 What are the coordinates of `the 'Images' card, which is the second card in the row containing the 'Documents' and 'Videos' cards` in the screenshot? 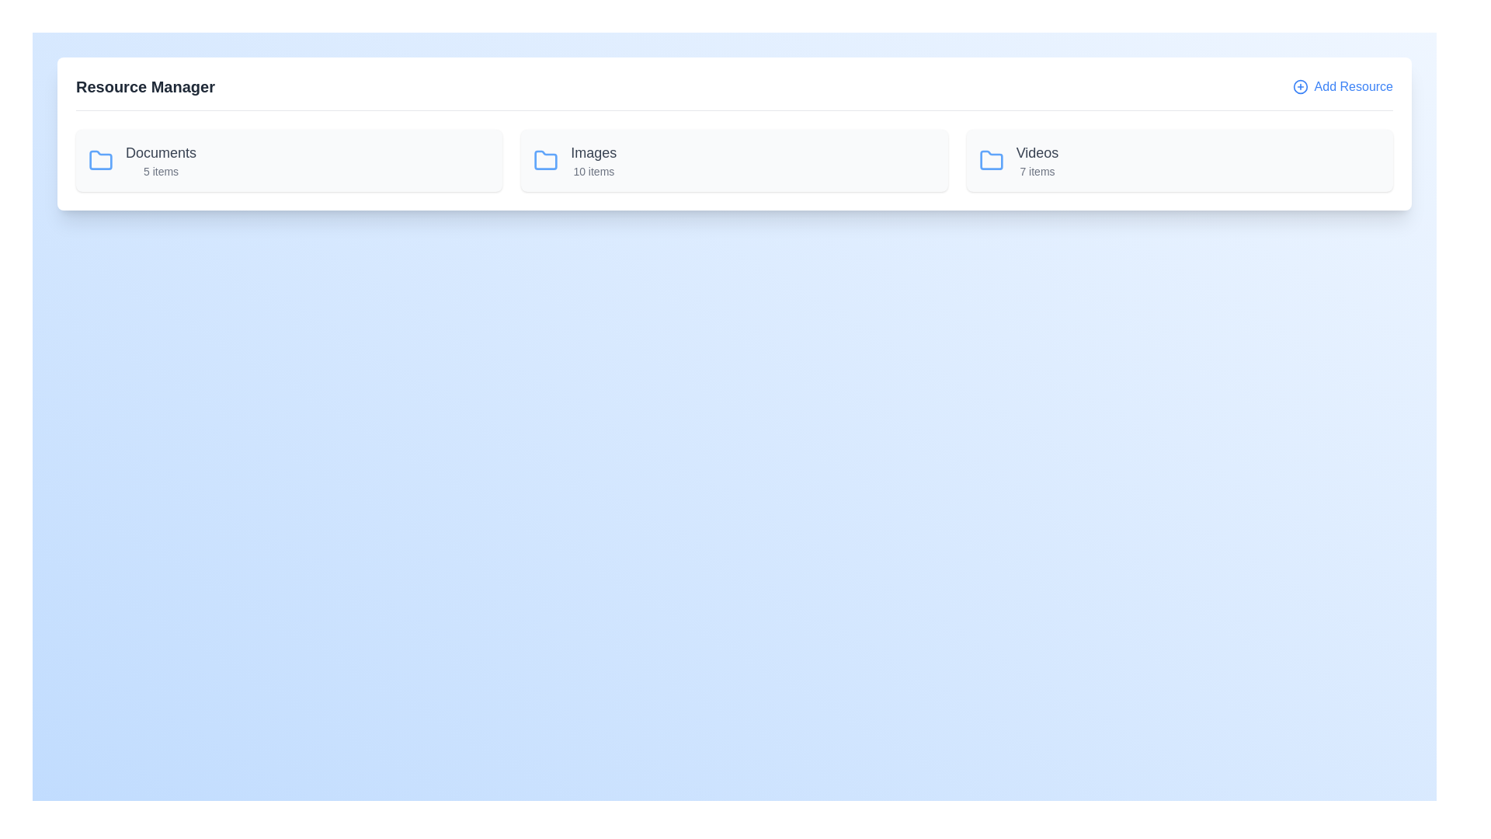 It's located at (733, 161).